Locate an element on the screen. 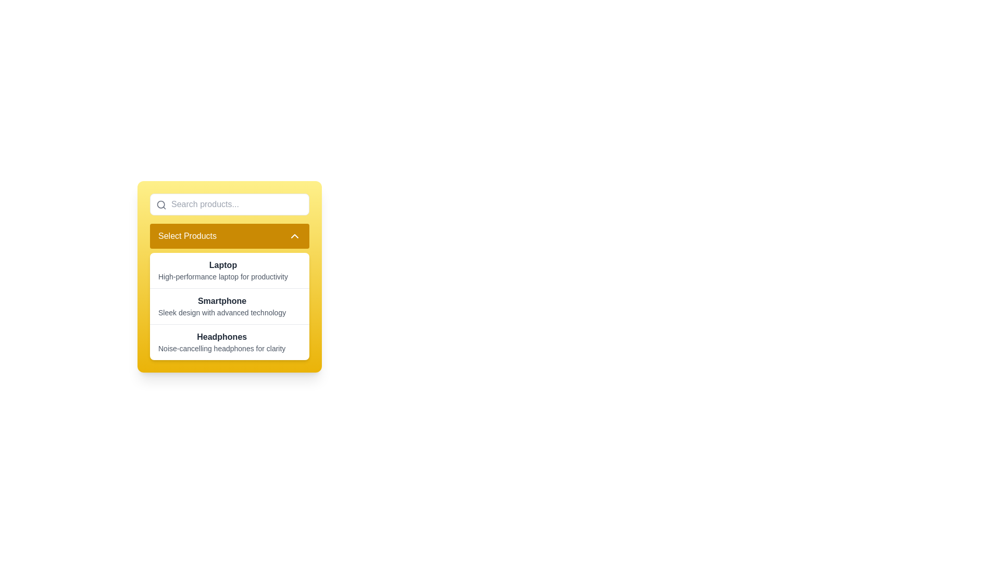 This screenshot has width=1000, height=562. the 'Smartphone' text label in the dropdown menu labeled 'Select Products', which is the second item in the list of product categories is located at coordinates (221, 301).